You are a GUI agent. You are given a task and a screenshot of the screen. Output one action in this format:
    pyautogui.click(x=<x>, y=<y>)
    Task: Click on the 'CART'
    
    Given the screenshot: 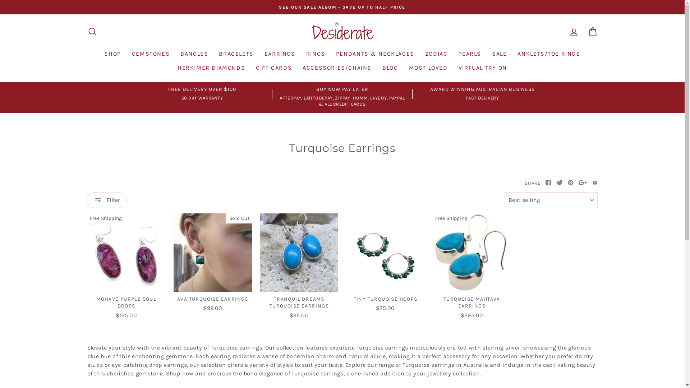 What is the action you would take?
    pyautogui.click(x=592, y=31)
    